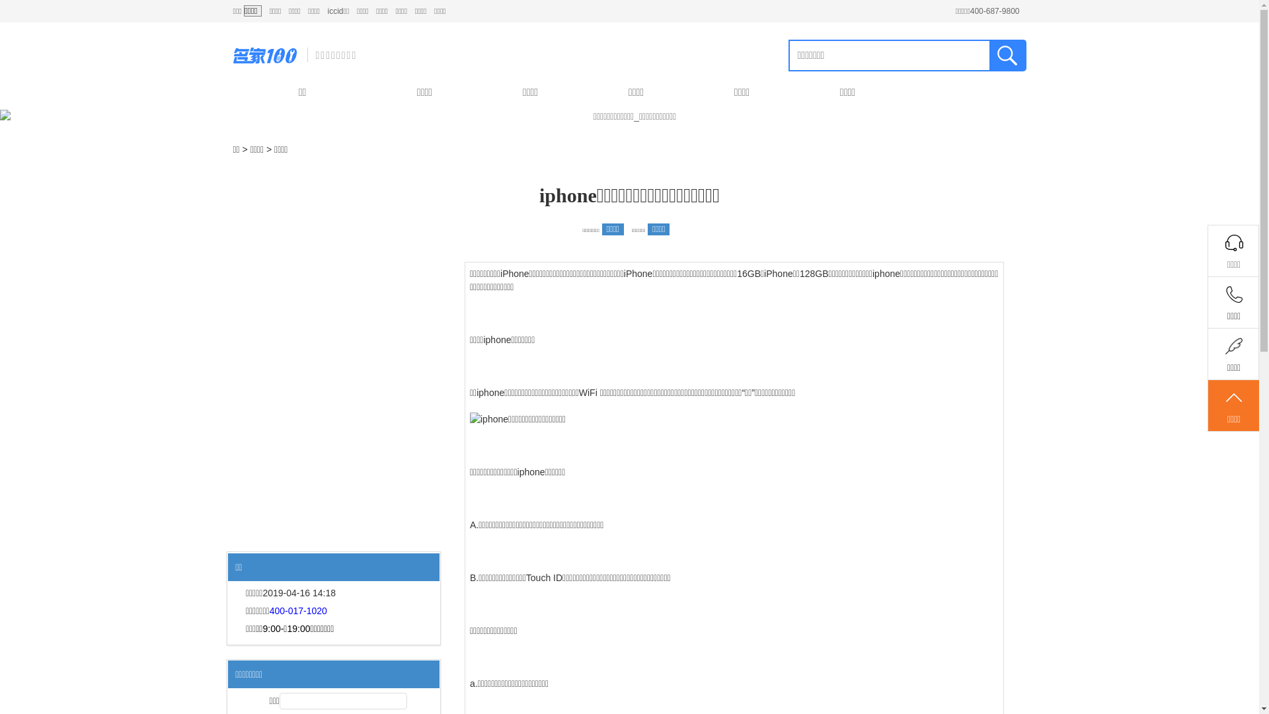 This screenshot has height=714, width=1269. I want to click on '400-017-1020', so click(297, 611).